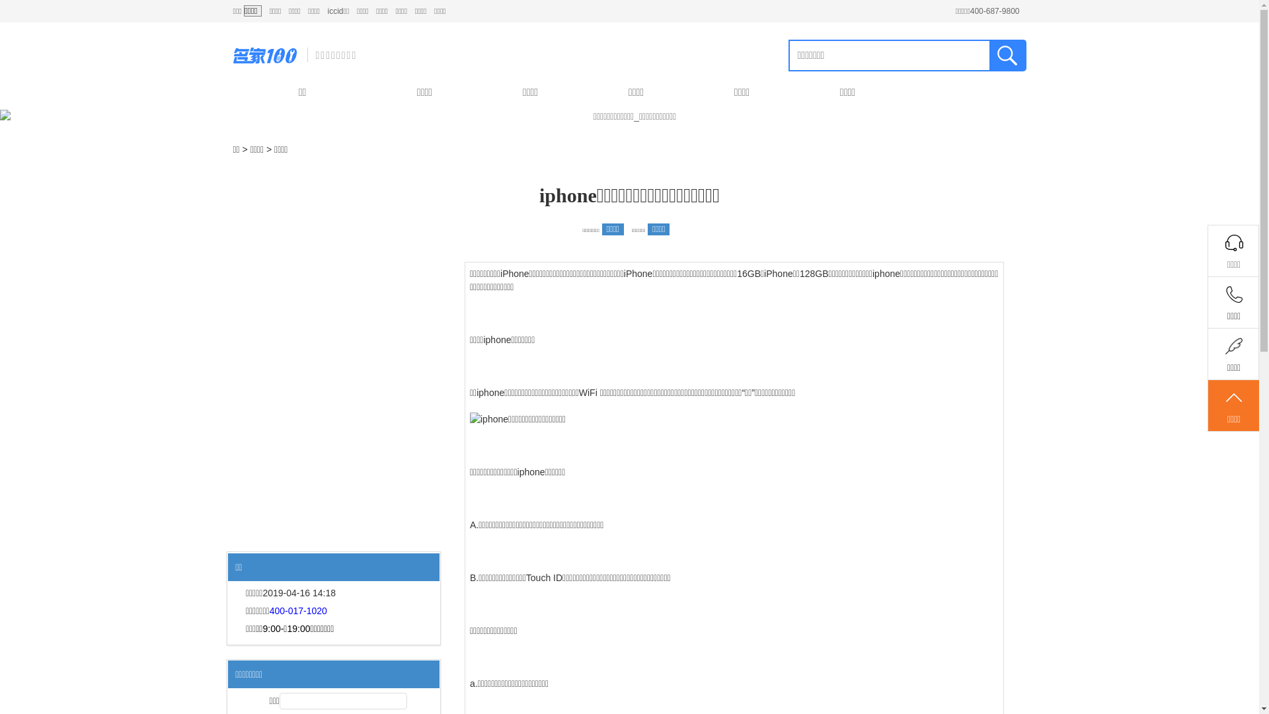 This screenshot has height=714, width=1269. I want to click on '400-017-1020', so click(297, 611).